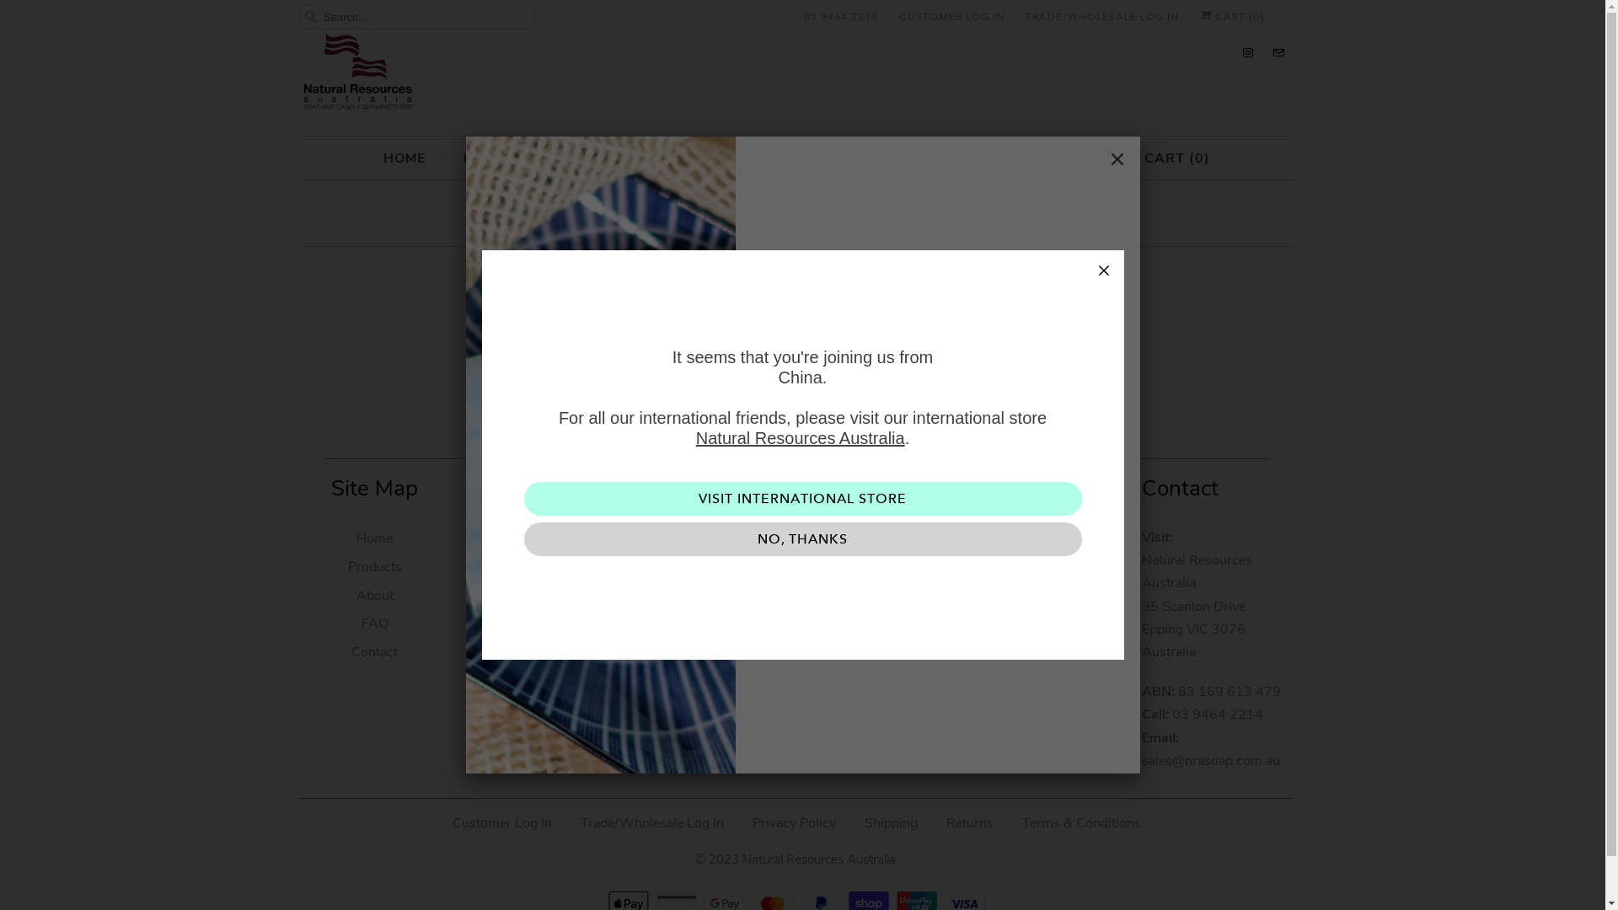 Image resolution: width=1618 pixels, height=910 pixels. I want to click on 'Natural Resources Australia on Instagram', so click(1248, 51).